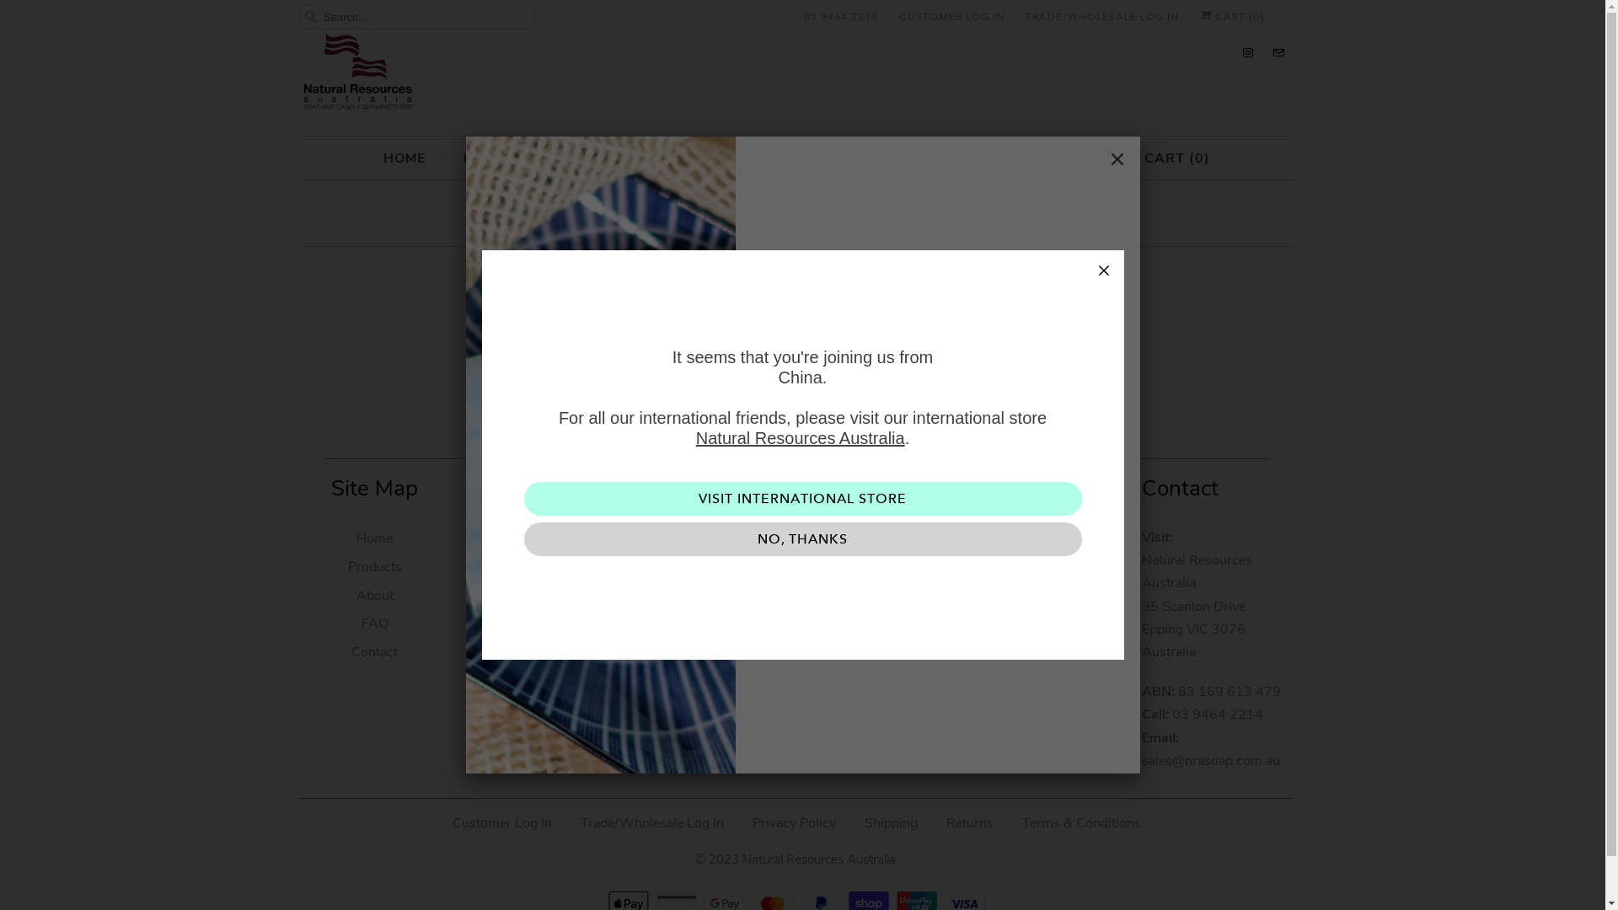 Image resolution: width=1618 pixels, height=910 pixels. I want to click on 'Natural Resources Australia on Instagram', so click(1248, 51).